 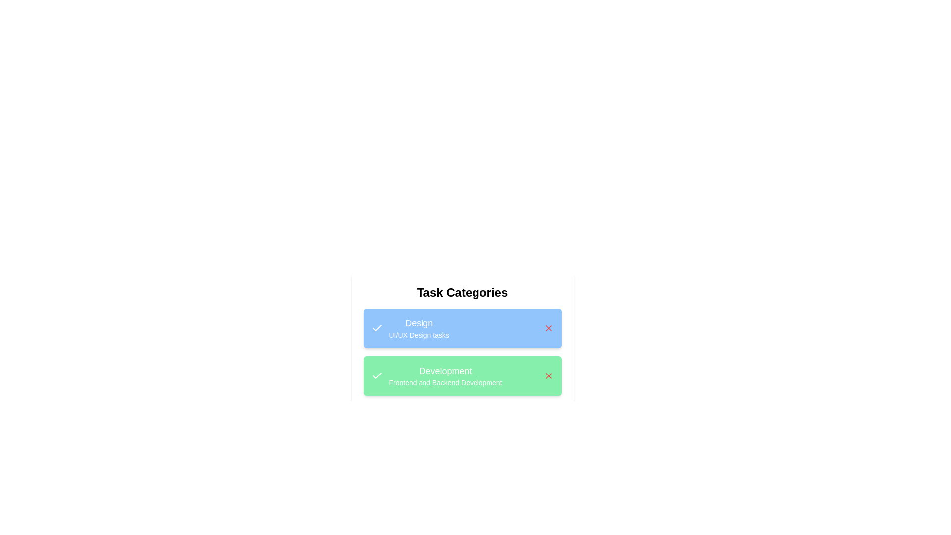 What do you see at coordinates (548, 328) in the screenshot?
I see `'X' button on the task category Design to remove it` at bounding box center [548, 328].